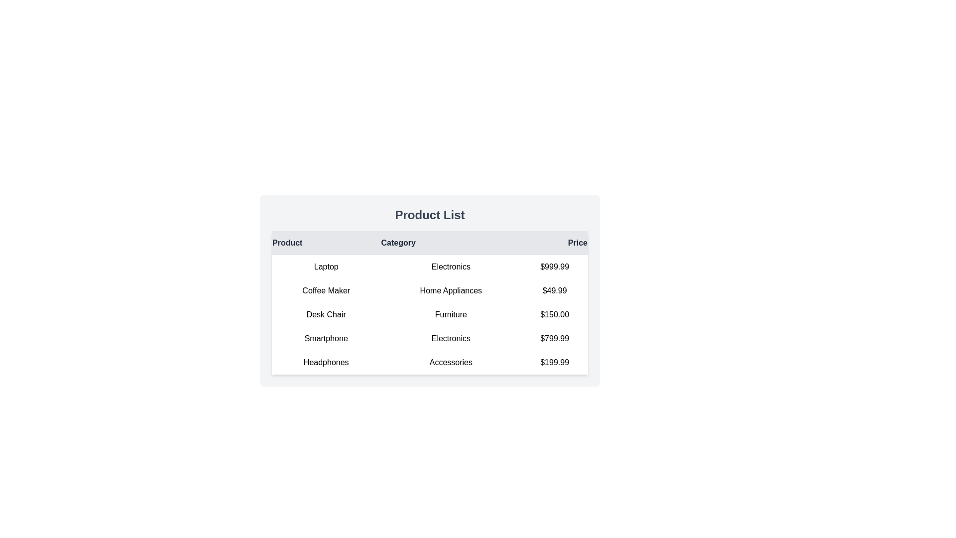  Describe the element at coordinates (430, 315) in the screenshot. I see `the third row of the table containing the item details for 'Desk Chair', which includes the product name, category, and price` at that location.